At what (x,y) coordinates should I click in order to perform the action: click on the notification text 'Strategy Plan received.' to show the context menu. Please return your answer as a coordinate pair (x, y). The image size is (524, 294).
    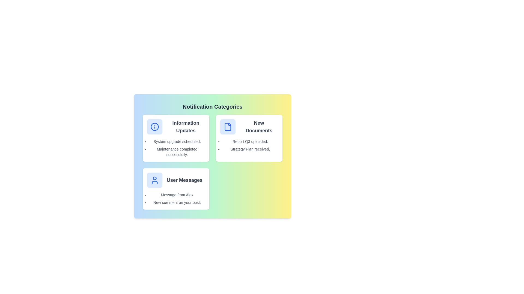
    Looking at the image, I should click on (250, 149).